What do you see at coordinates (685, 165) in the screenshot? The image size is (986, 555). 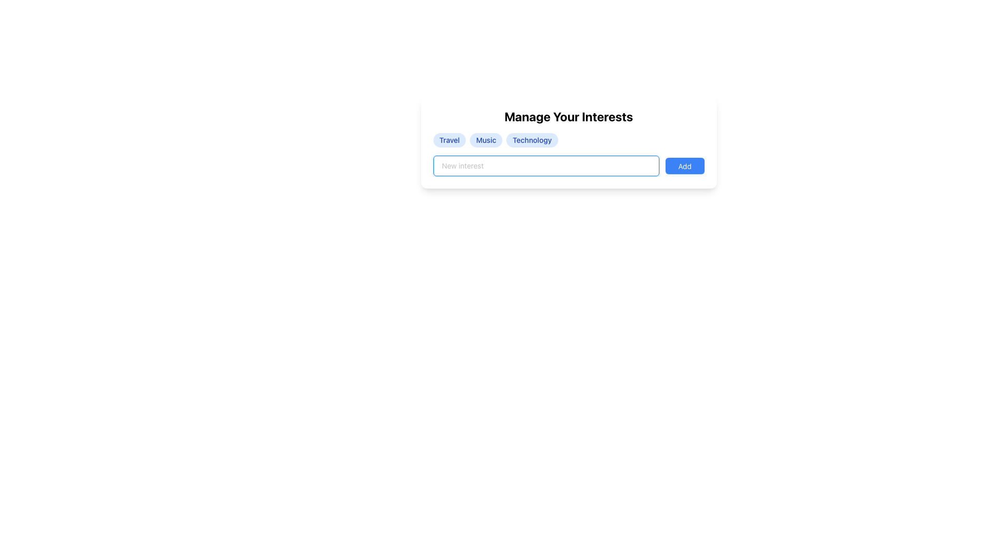 I see `the 'Add' button which is labeled for adding a new item or interest in the 'Manage Your Interests' form` at bounding box center [685, 165].